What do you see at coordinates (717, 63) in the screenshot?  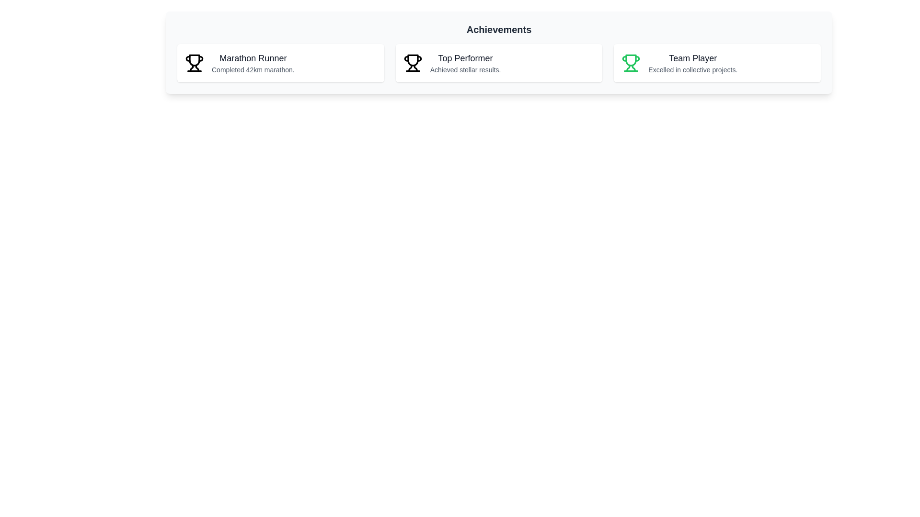 I see `the 'Team Player' achievement card` at bounding box center [717, 63].